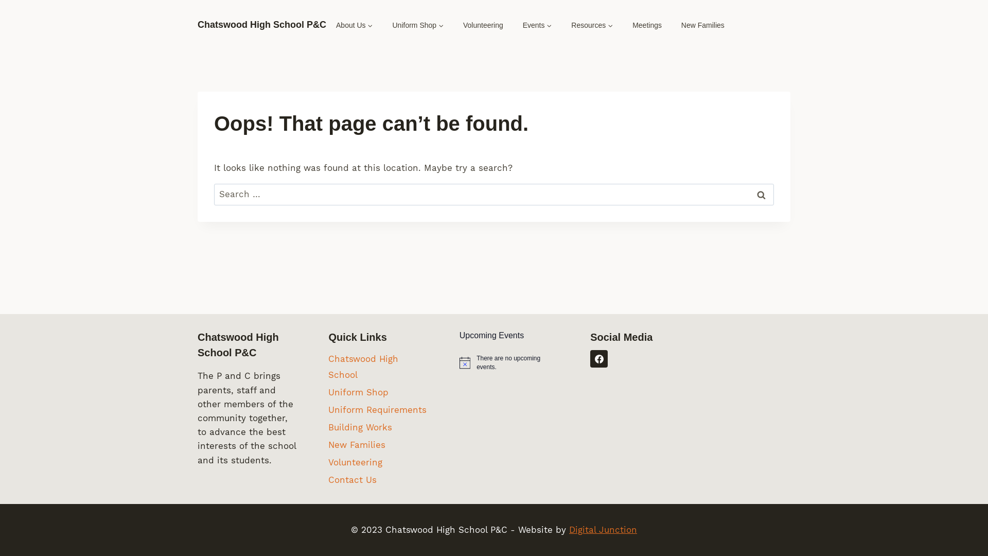  Describe the element at coordinates (417, 25) in the screenshot. I see `'Uniform Shop'` at that location.